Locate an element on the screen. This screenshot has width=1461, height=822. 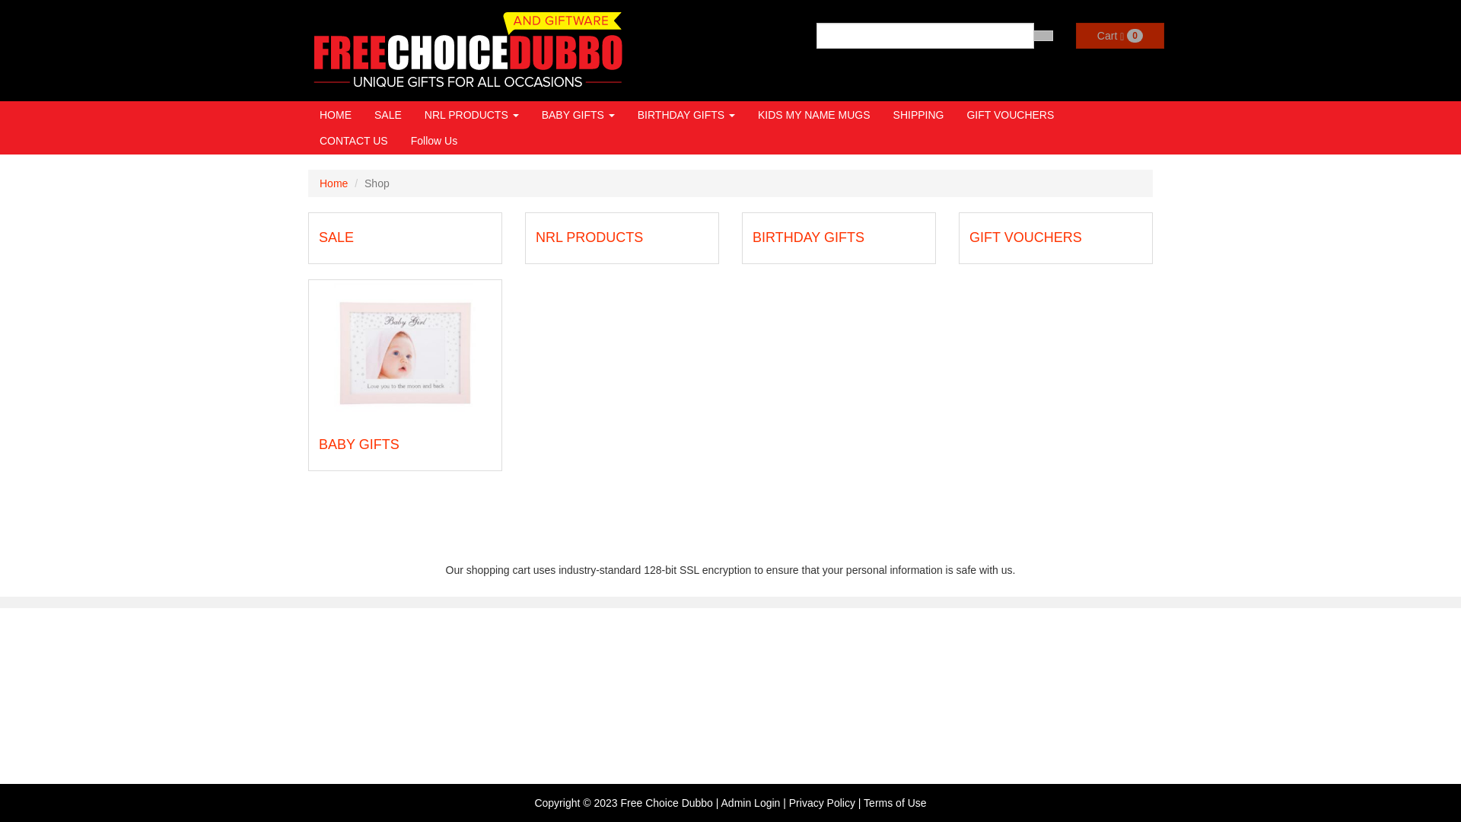
'Follow Us' is located at coordinates (433, 141).